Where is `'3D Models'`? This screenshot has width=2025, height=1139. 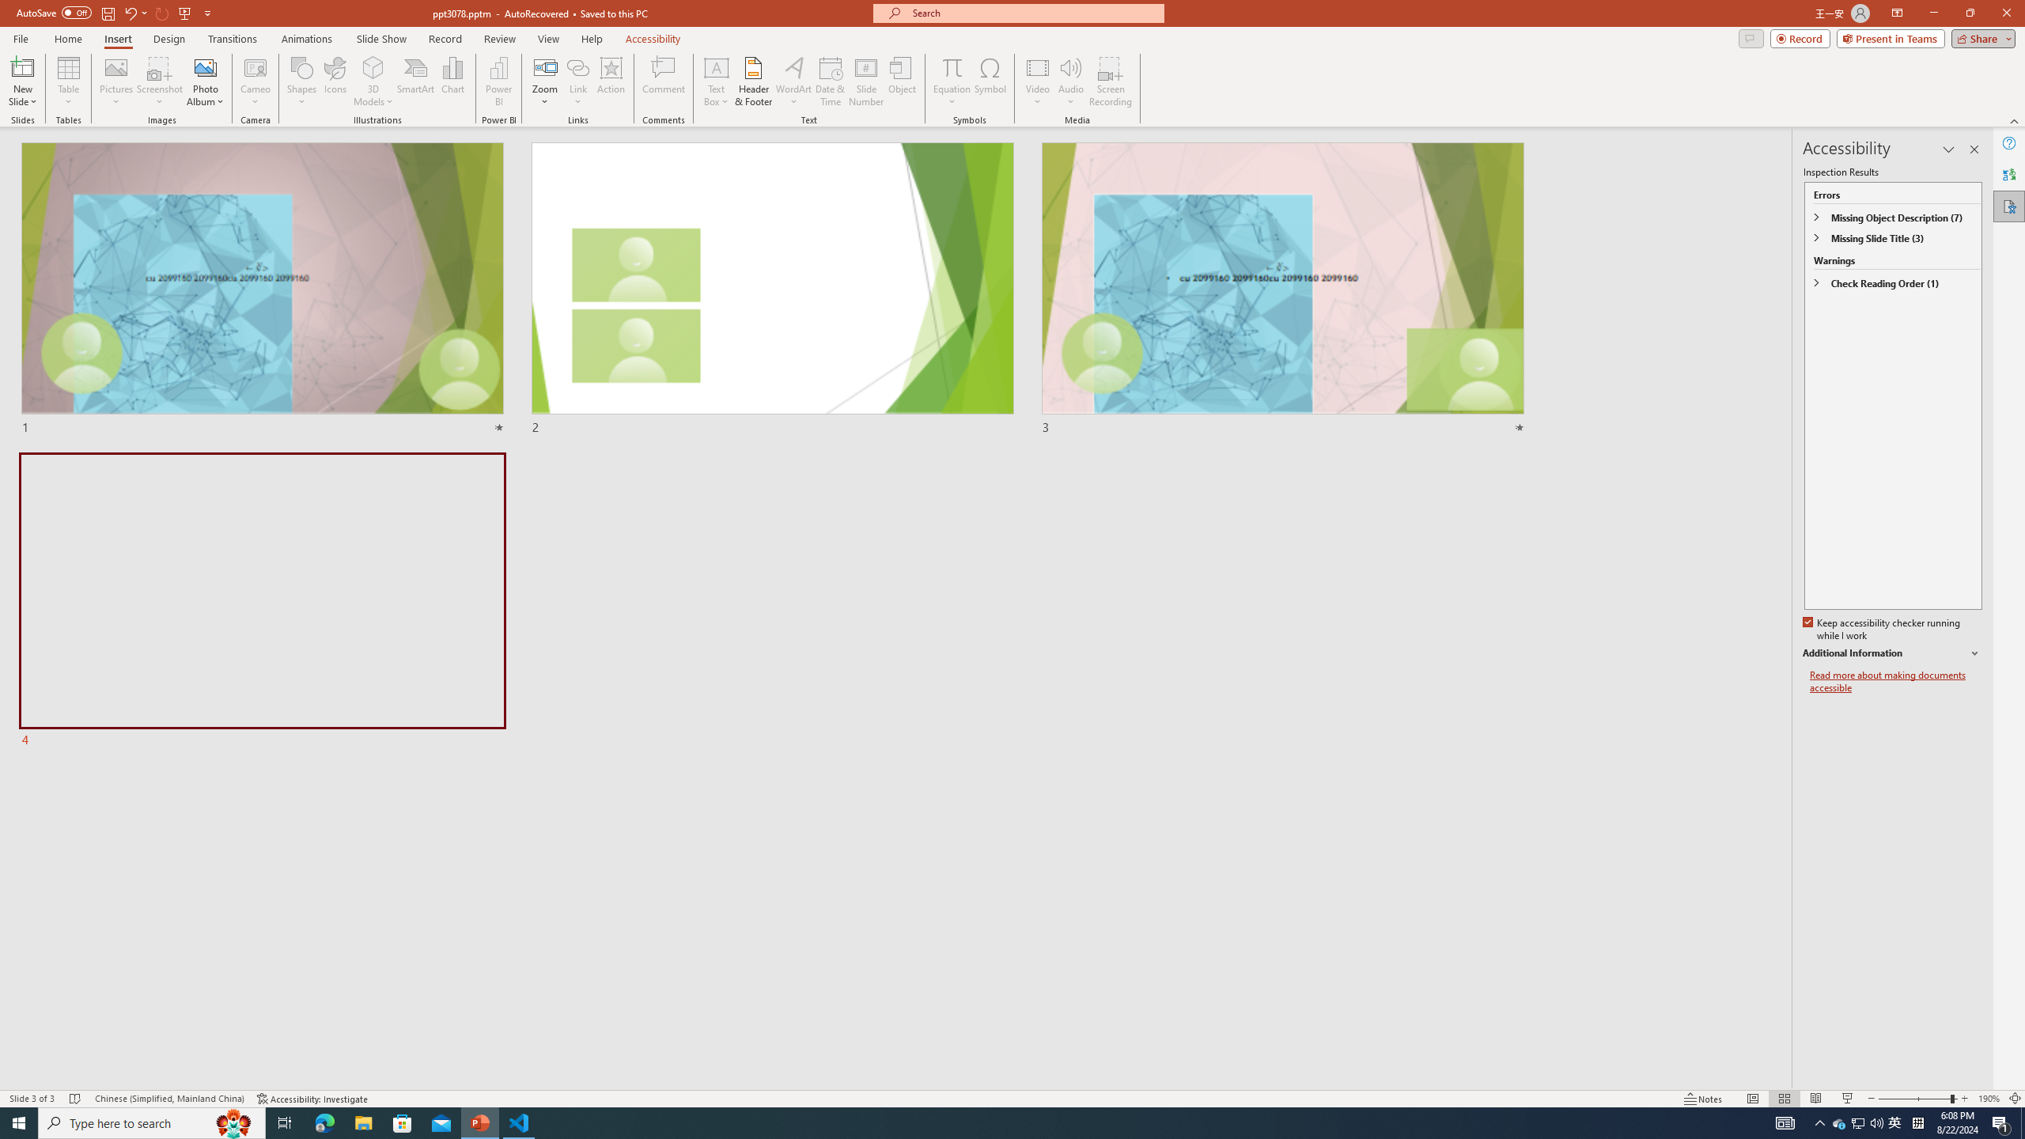 '3D Models' is located at coordinates (373, 81).